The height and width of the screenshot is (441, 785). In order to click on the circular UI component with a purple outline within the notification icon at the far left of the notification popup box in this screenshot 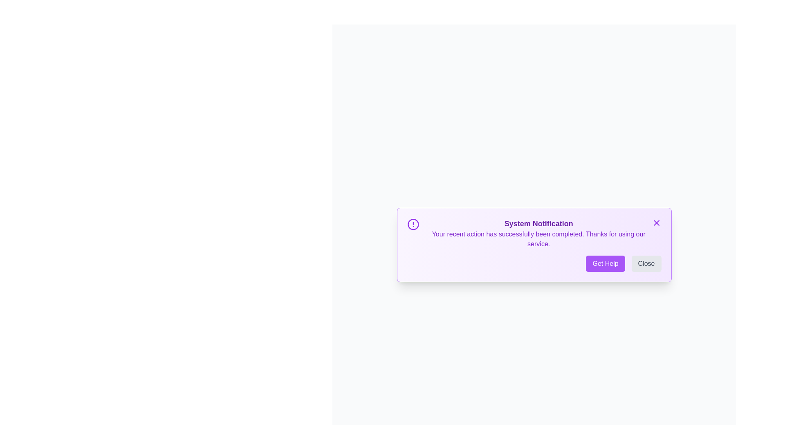, I will do `click(413, 225)`.